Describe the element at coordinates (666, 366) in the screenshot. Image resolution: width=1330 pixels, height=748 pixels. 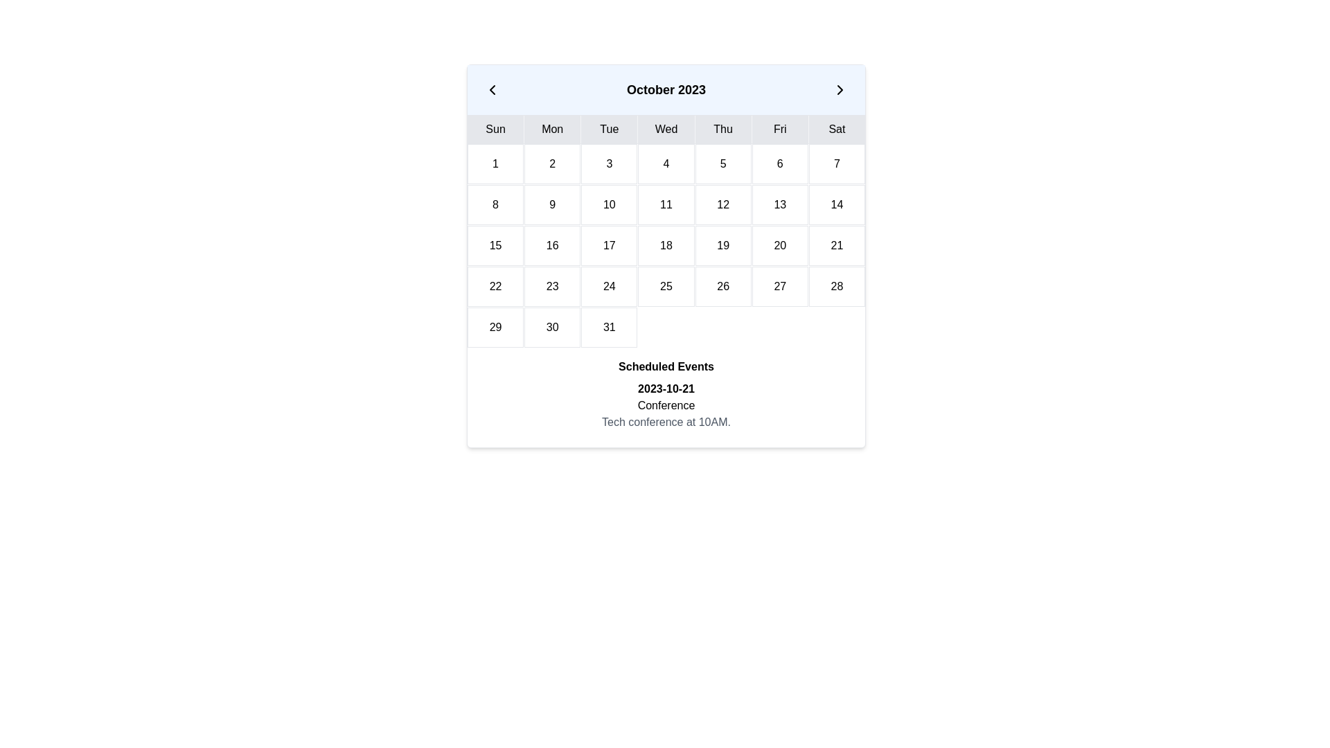
I see `bold text element labeled 'Scheduled Events', which is centrally aligned and serves as a heading above related text elements` at that location.